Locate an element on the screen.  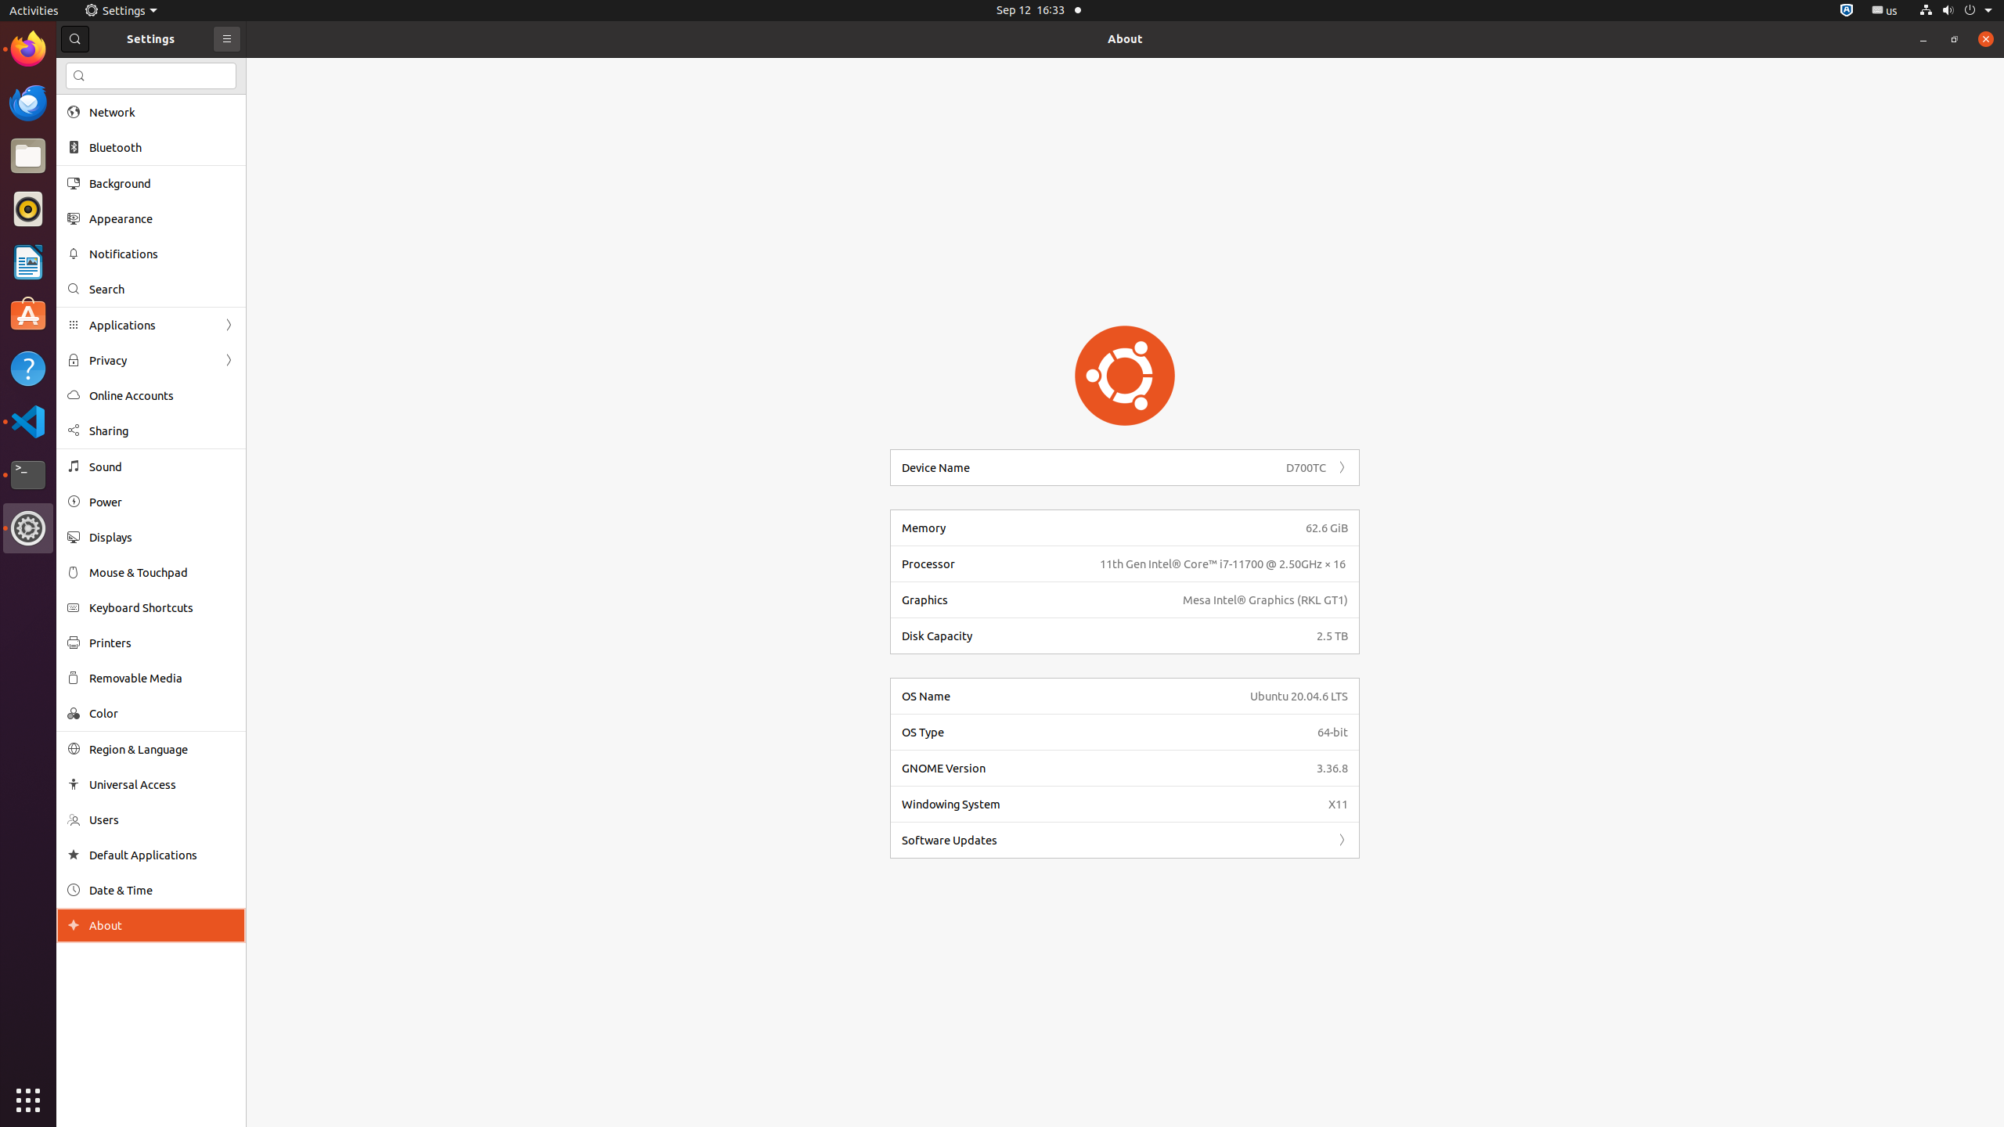
'Region & Language' is located at coordinates (162, 749).